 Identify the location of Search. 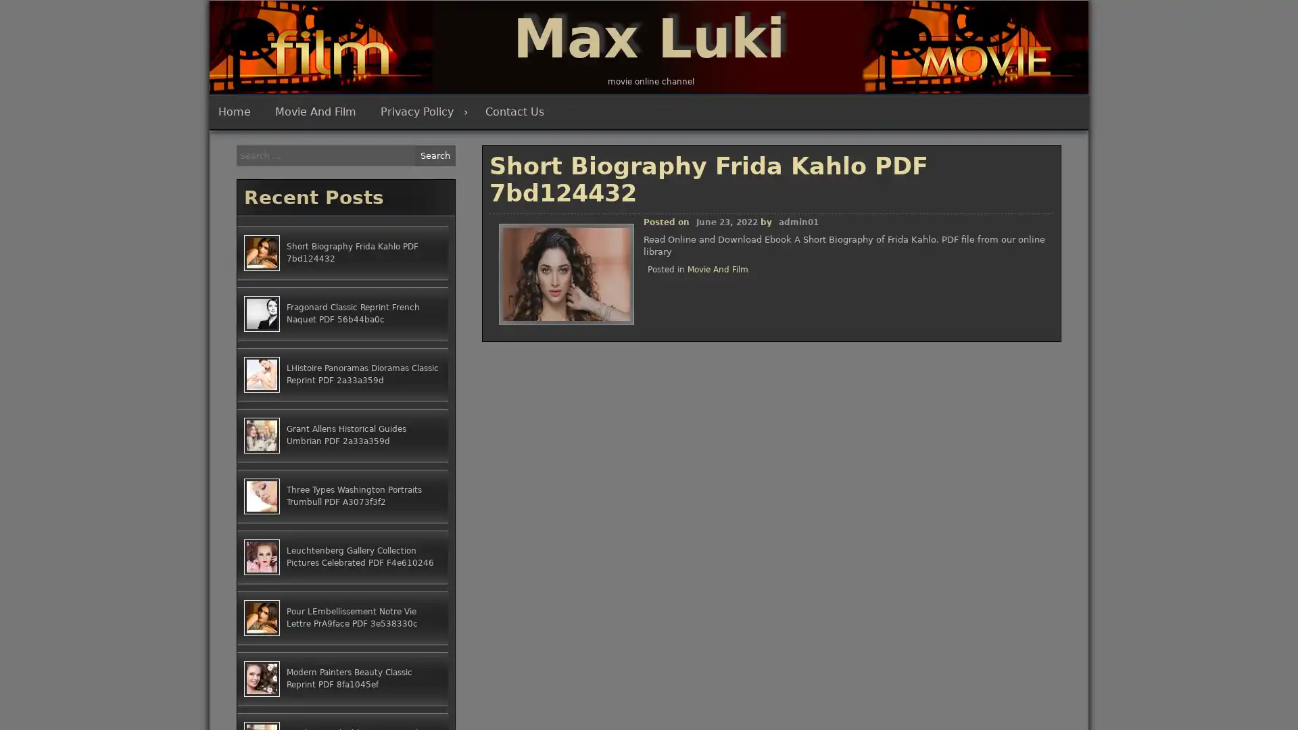
(435, 155).